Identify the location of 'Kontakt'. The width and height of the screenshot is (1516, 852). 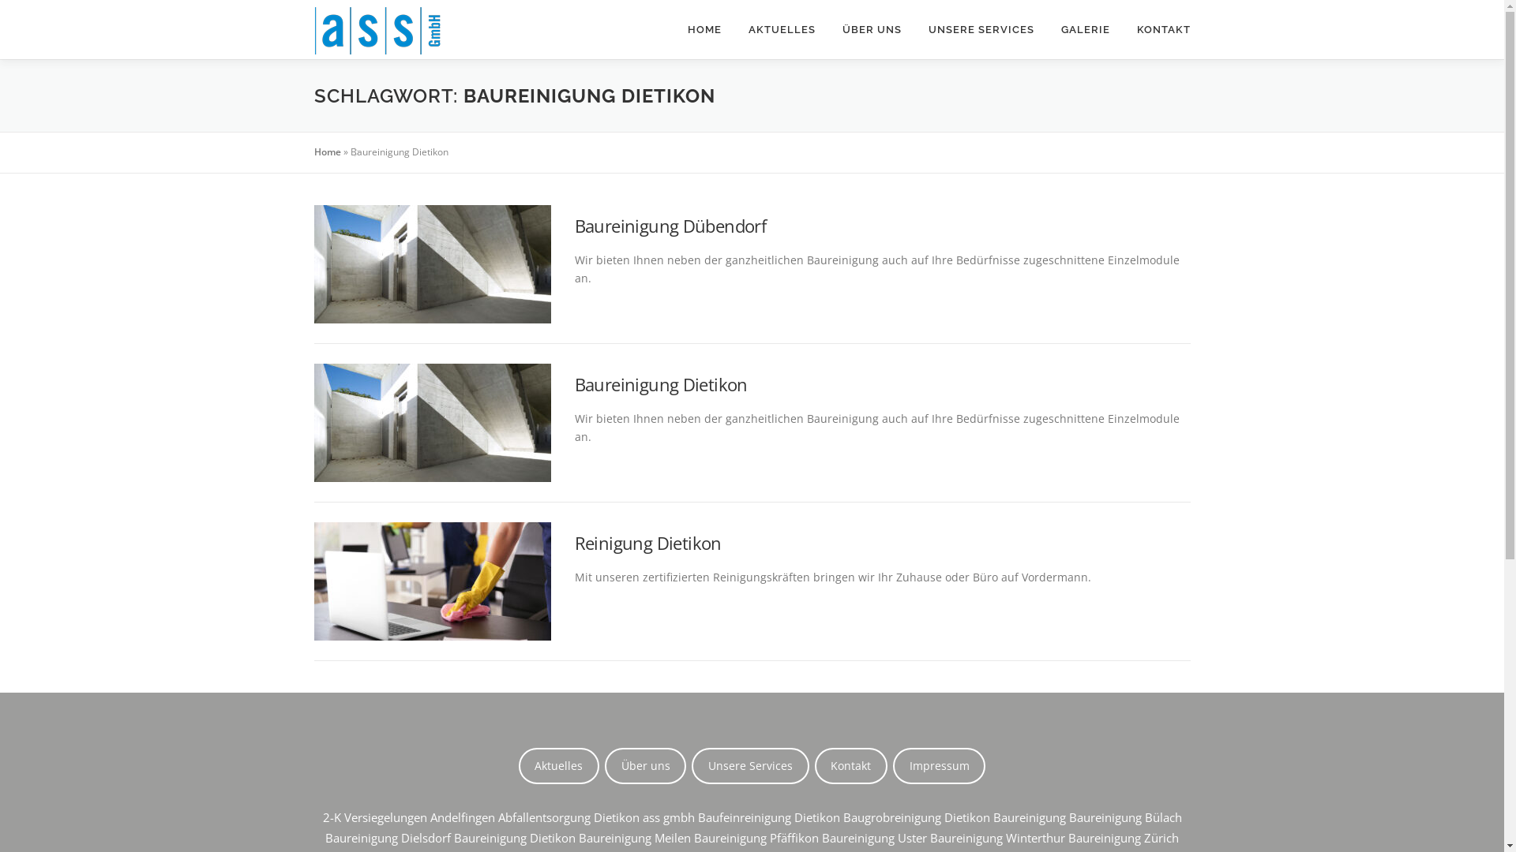
(850, 765).